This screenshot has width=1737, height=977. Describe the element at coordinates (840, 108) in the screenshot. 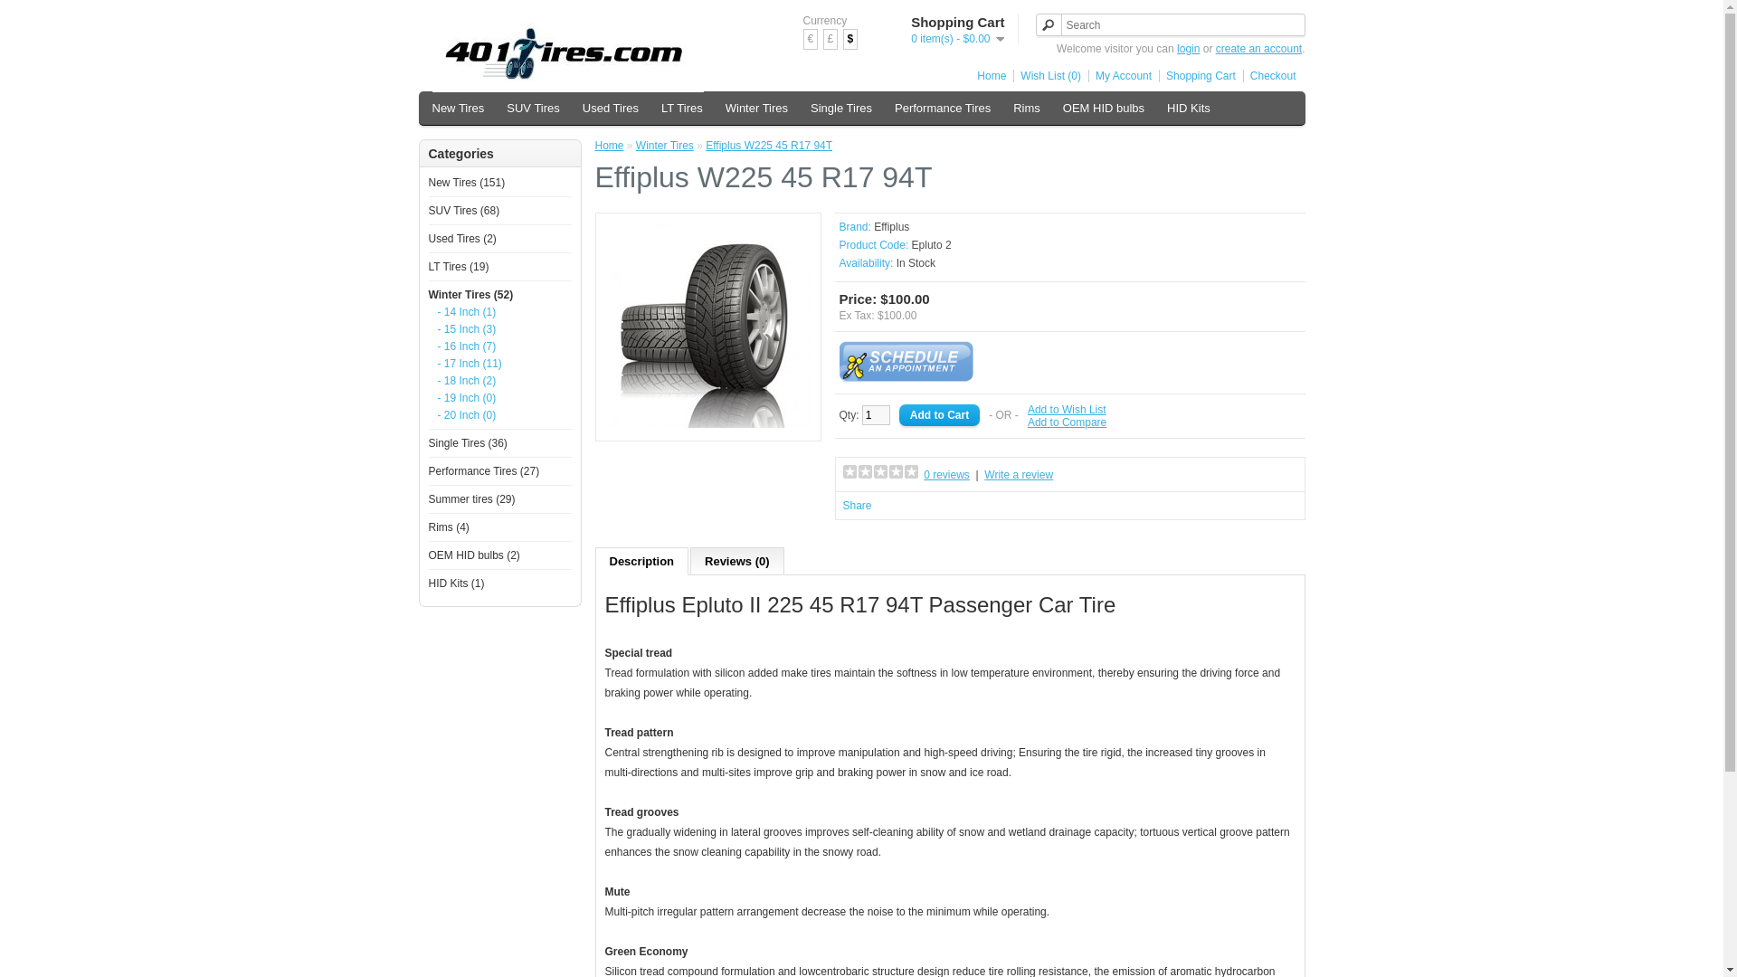

I see `'Single Tires'` at that location.